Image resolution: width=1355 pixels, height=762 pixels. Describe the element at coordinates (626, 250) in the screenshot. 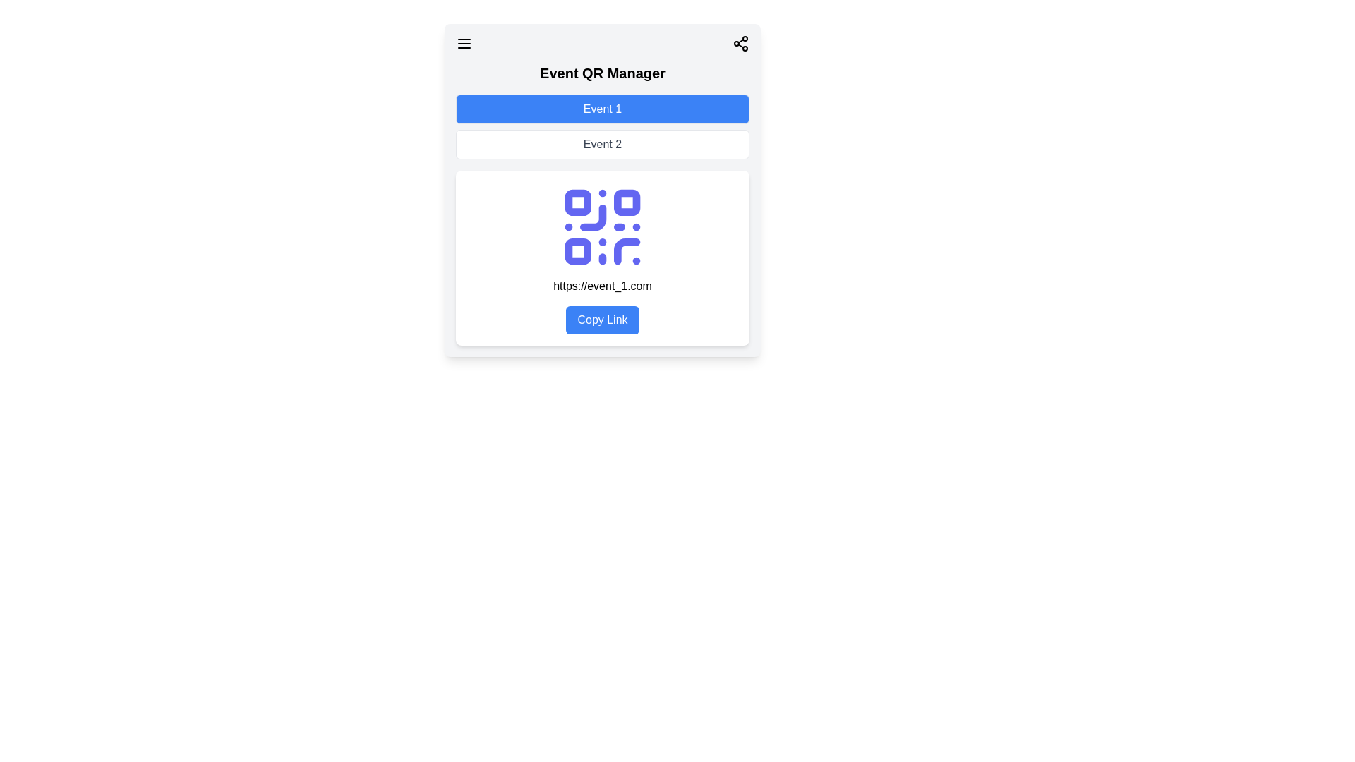

I see `the curved line transitioning into a straight line segment of the QR code located in the lower-right quadrant of the QR code within the card-like interface` at that location.